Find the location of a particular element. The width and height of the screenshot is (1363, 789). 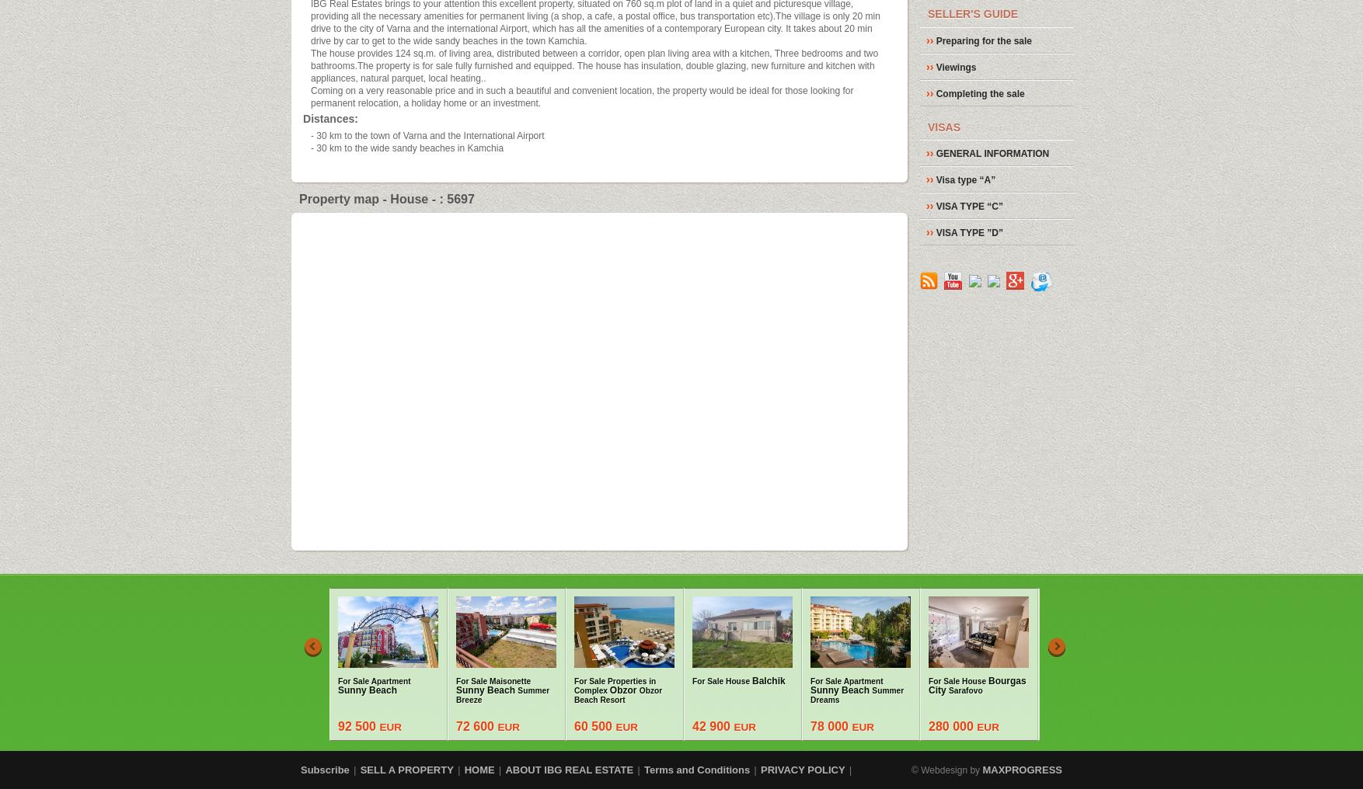

'Distances:' is located at coordinates (329, 118).